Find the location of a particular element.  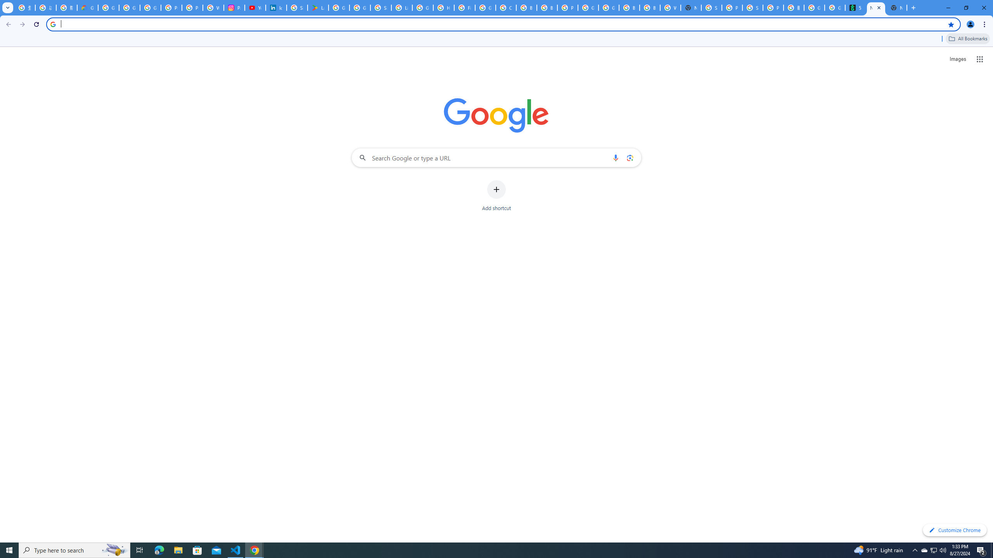

'Search icon' is located at coordinates (52, 24).